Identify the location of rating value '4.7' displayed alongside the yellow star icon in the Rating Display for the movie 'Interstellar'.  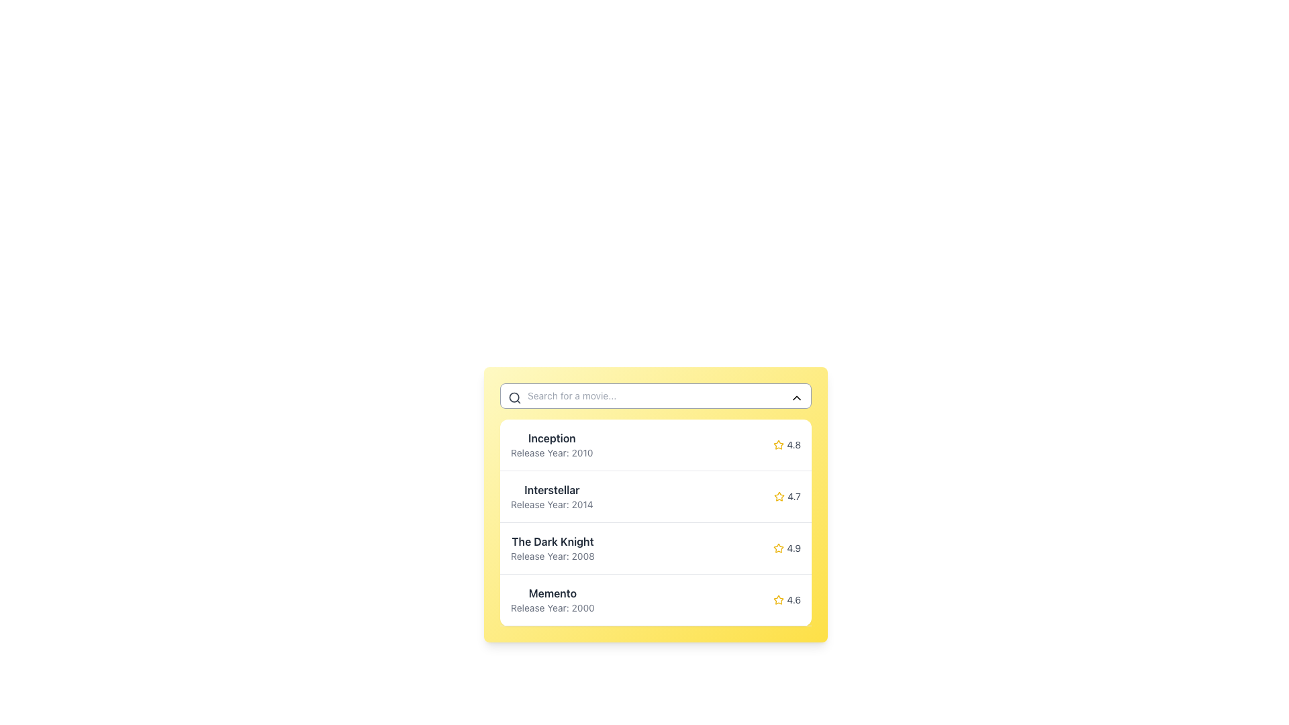
(787, 497).